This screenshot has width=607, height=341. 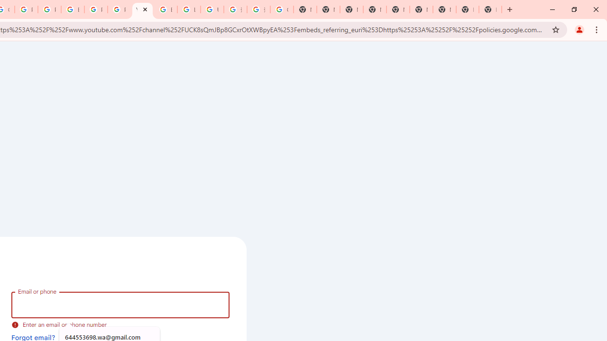 I want to click on 'Google Images', so click(x=281, y=9).